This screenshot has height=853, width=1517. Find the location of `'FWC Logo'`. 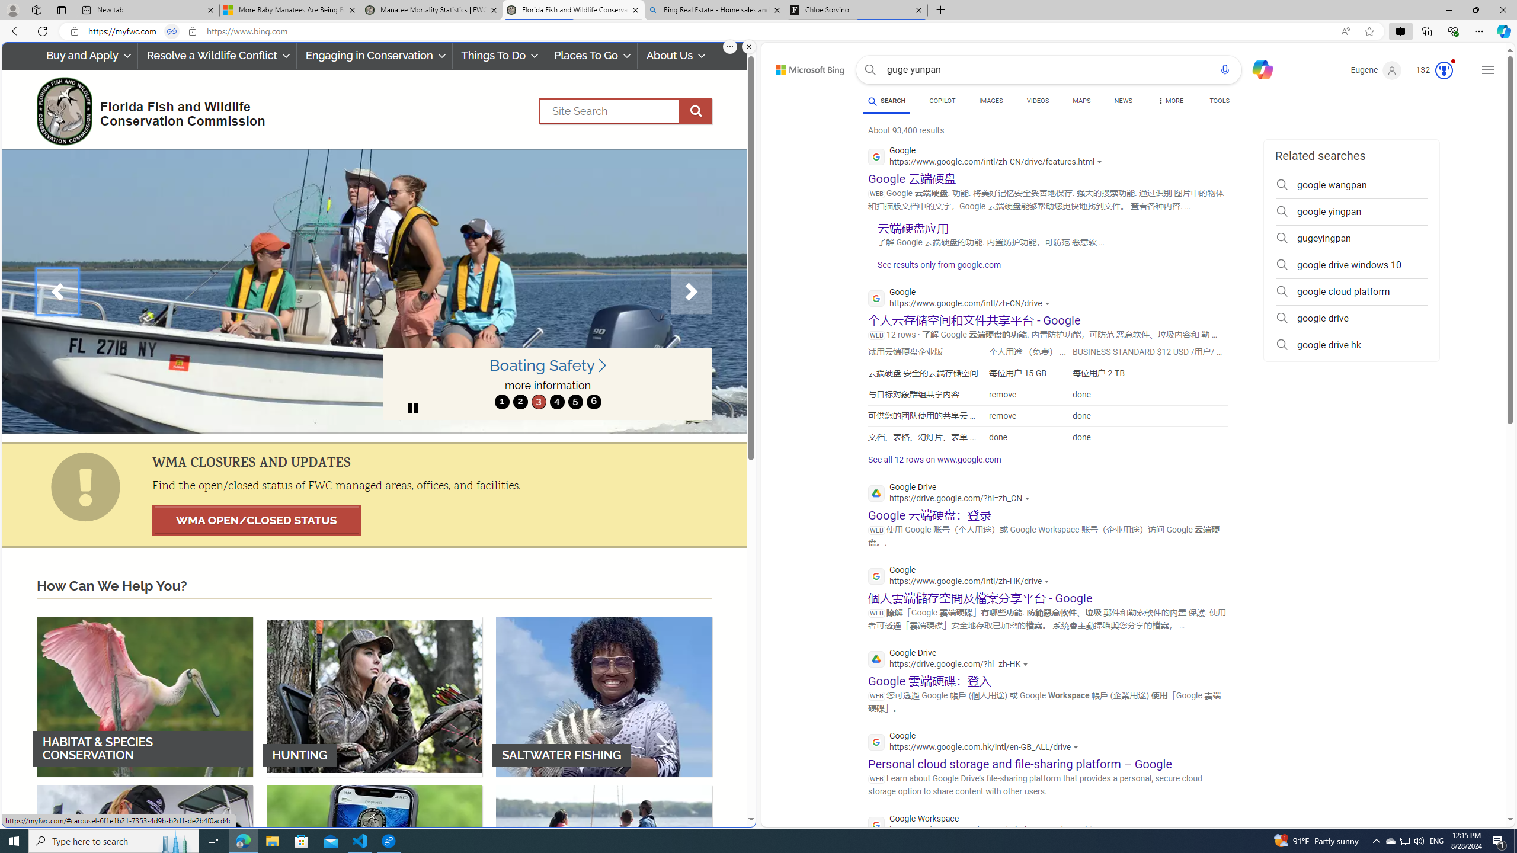

'FWC Logo' is located at coordinates (63, 111).